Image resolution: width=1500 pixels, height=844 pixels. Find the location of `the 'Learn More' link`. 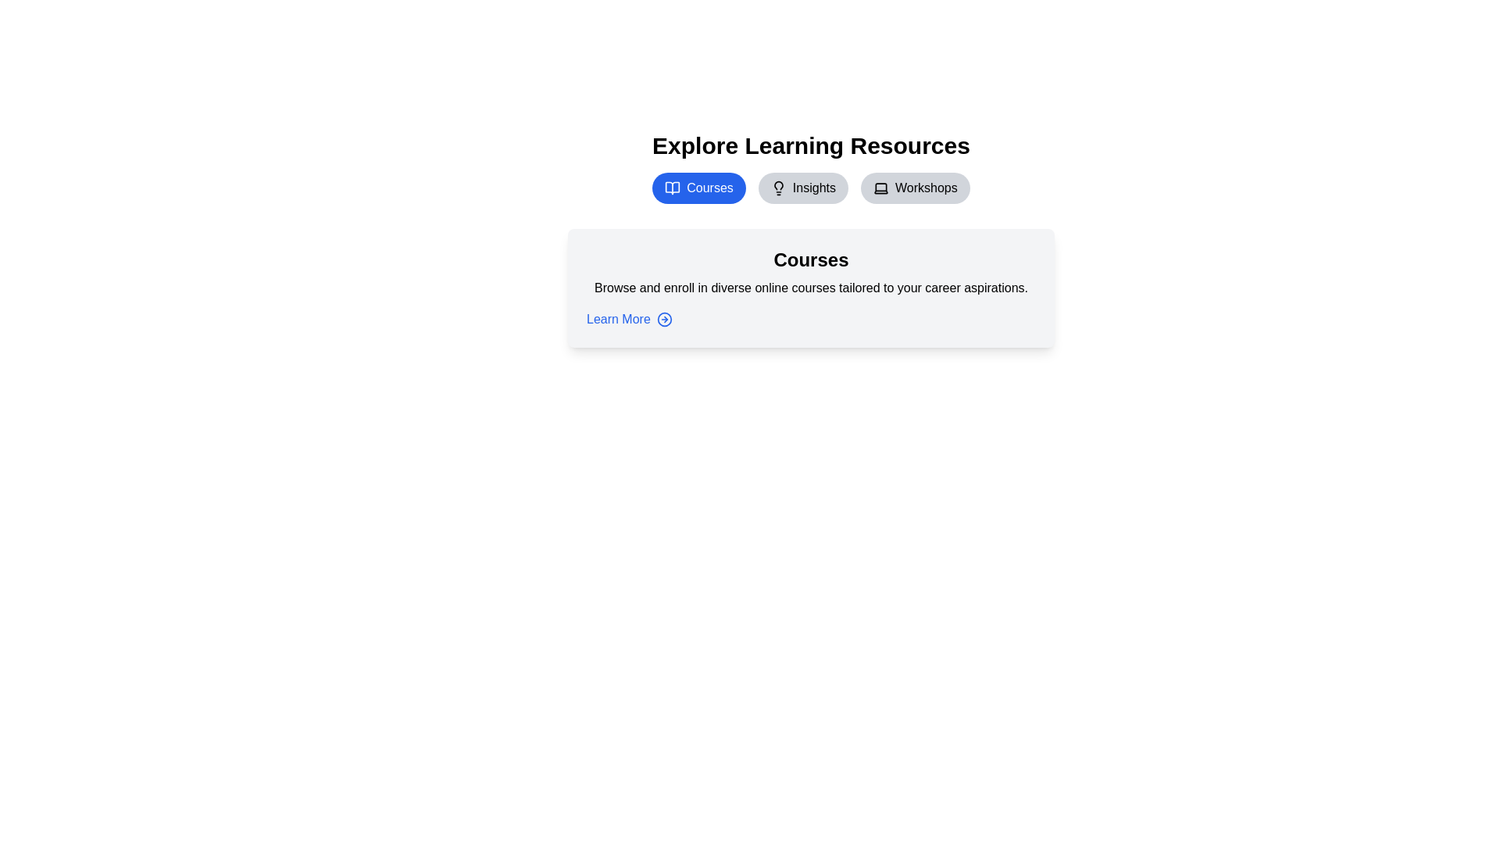

the 'Learn More' link is located at coordinates (629, 318).